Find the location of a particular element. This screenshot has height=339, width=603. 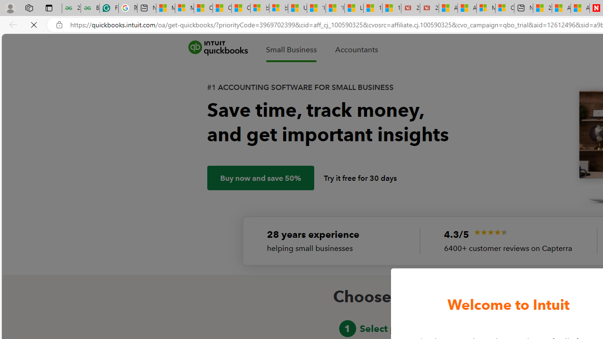

'Small Business' is located at coordinates (291, 49).